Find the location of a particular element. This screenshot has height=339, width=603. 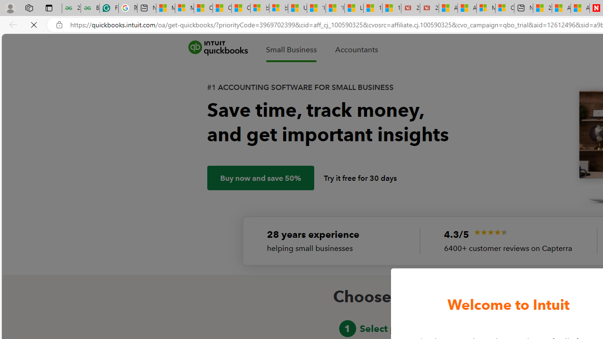

'Small Business' is located at coordinates (291, 49).